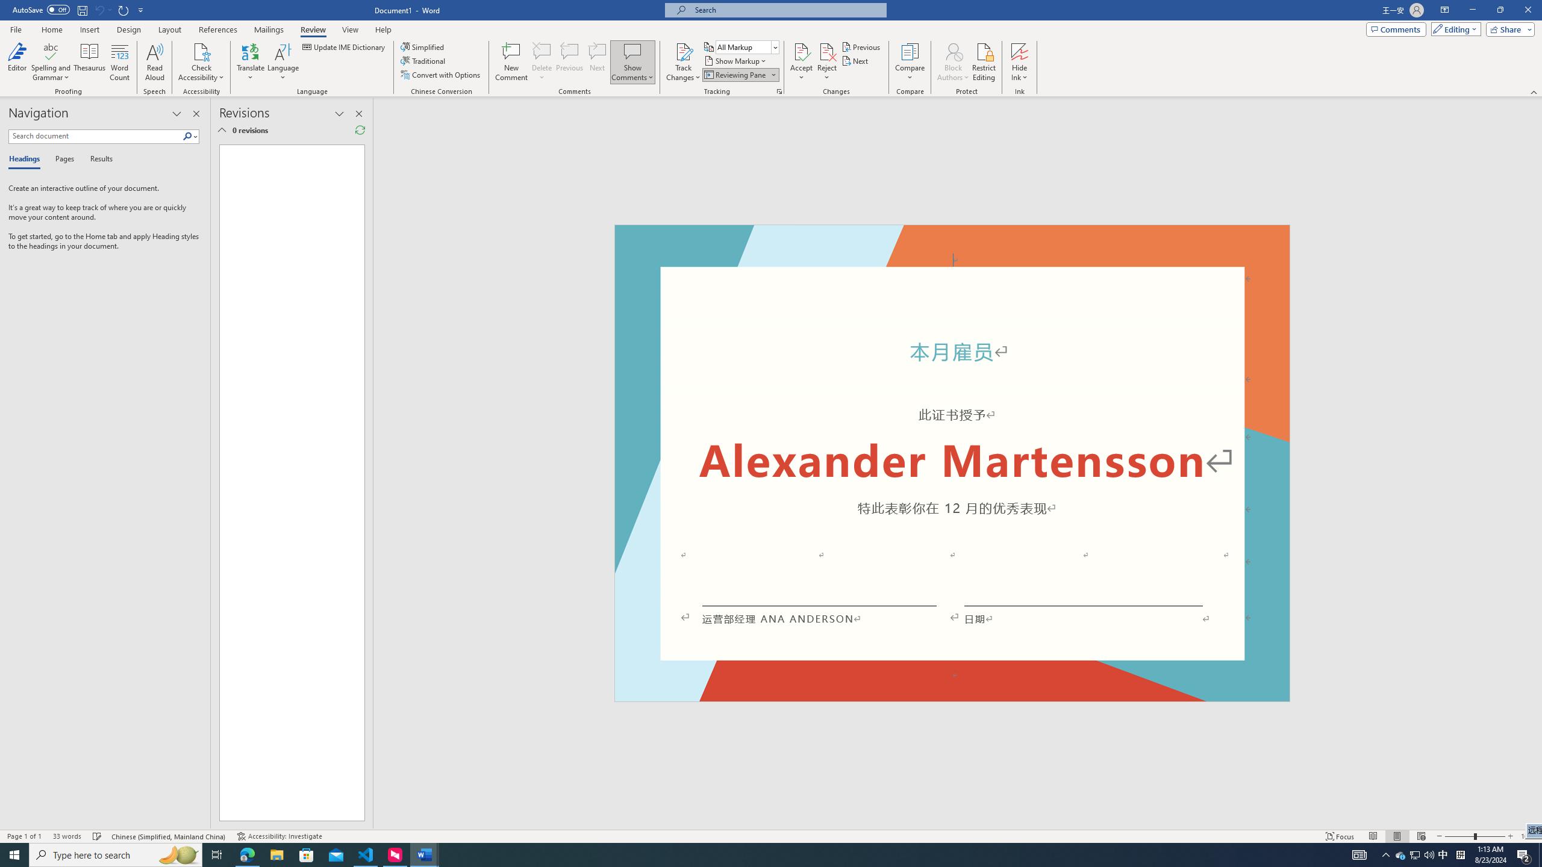 The height and width of the screenshot is (867, 1542). What do you see at coordinates (1453, 28) in the screenshot?
I see `'Mode'` at bounding box center [1453, 28].